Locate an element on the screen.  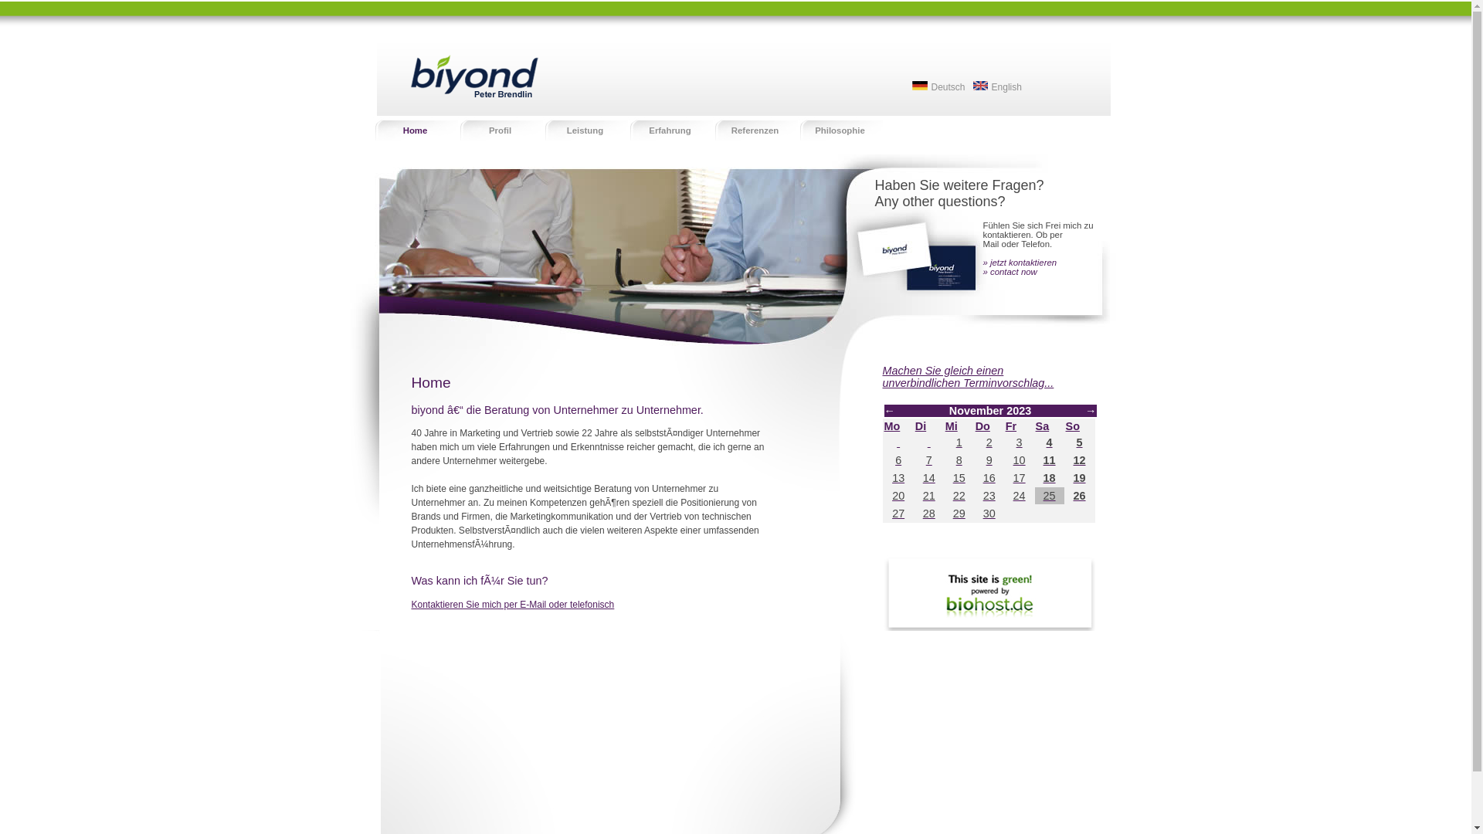
'Deutsch' is located at coordinates (937, 86).